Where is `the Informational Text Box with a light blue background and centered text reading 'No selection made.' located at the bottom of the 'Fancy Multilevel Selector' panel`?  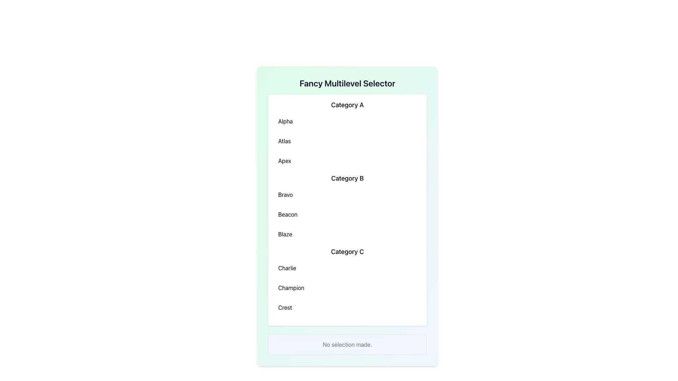 the Informational Text Box with a light blue background and centered text reading 'No selection made.' located at the bottom of the 'Fancy Multilevel Selector' panel is located at coordinates (347, 344).